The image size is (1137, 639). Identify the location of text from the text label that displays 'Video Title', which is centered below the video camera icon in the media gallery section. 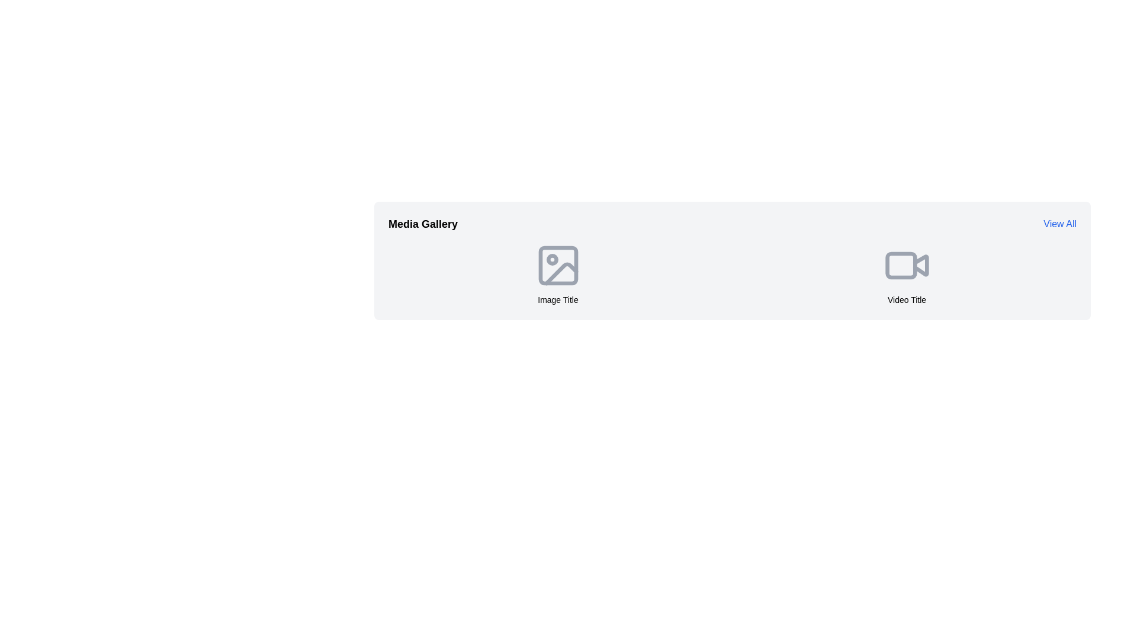
(906, 299).